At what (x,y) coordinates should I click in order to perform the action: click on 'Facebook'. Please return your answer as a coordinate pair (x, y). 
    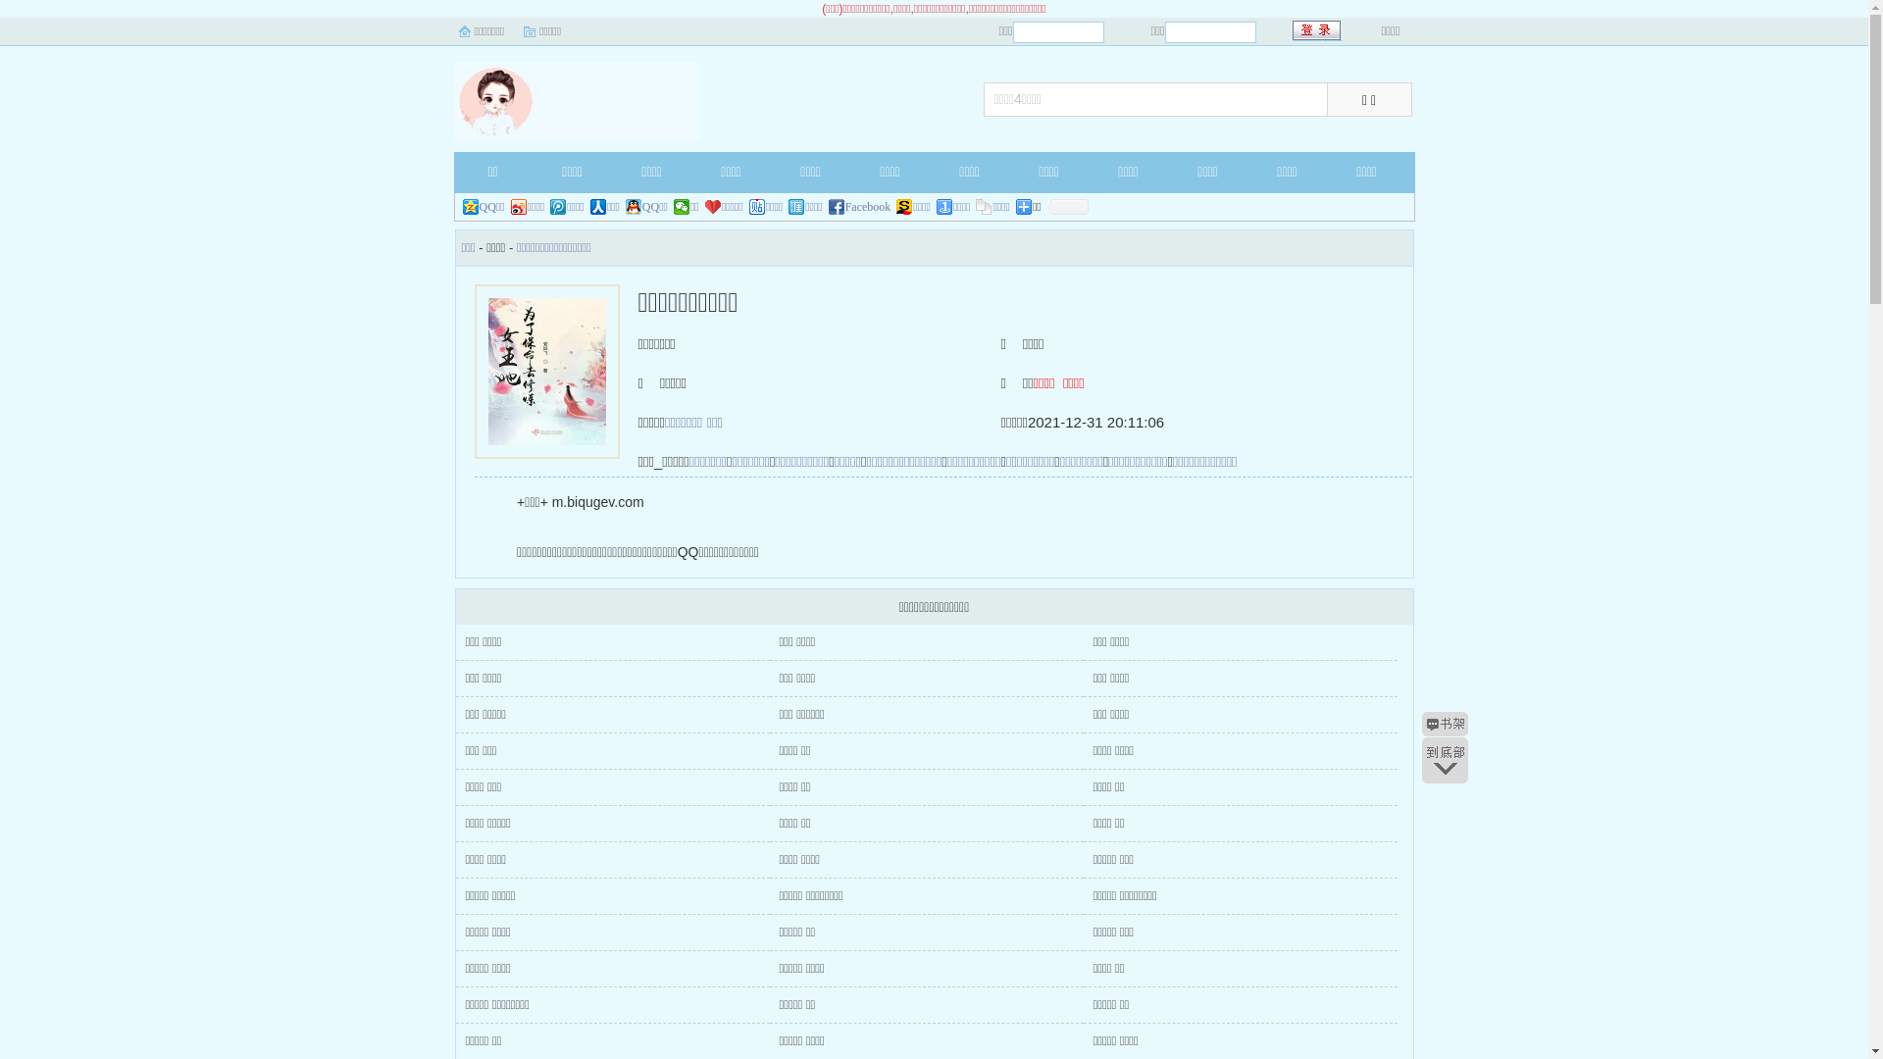
    Looking at the image, I should click on (860, 207).